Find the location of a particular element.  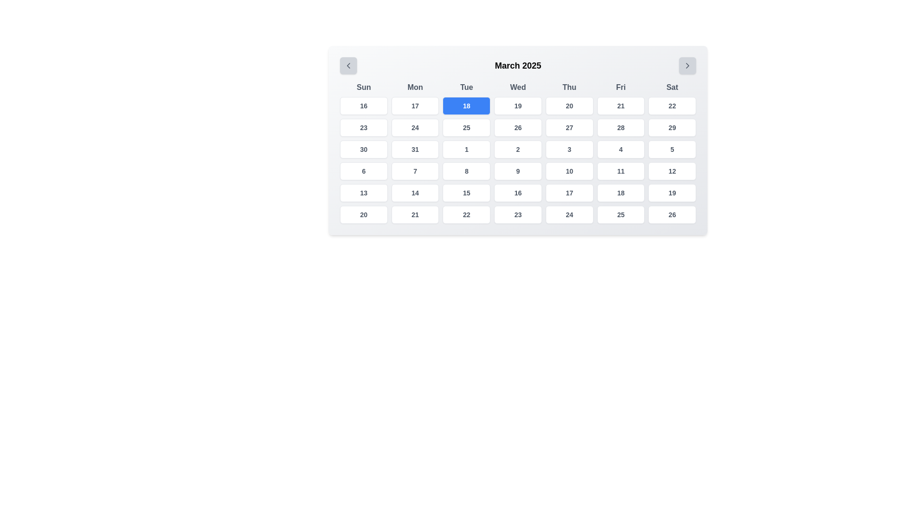

the left arrow icon in the top-left section of the calendar interface is located at coordinates (348, 65).